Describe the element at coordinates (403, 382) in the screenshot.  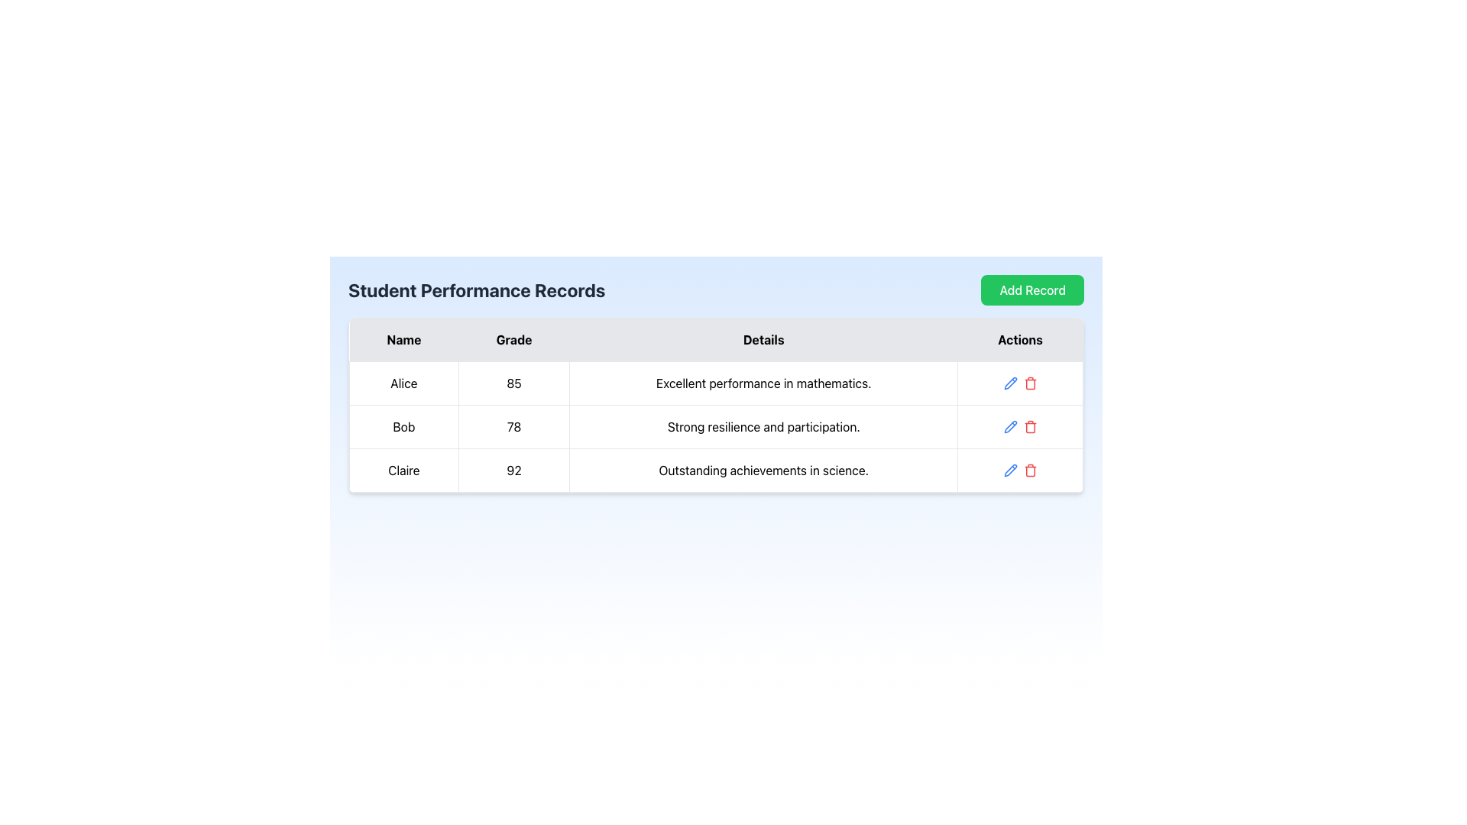
I see `the text label displaying 'Alice' located in the 'Name' column of the table` at that location.